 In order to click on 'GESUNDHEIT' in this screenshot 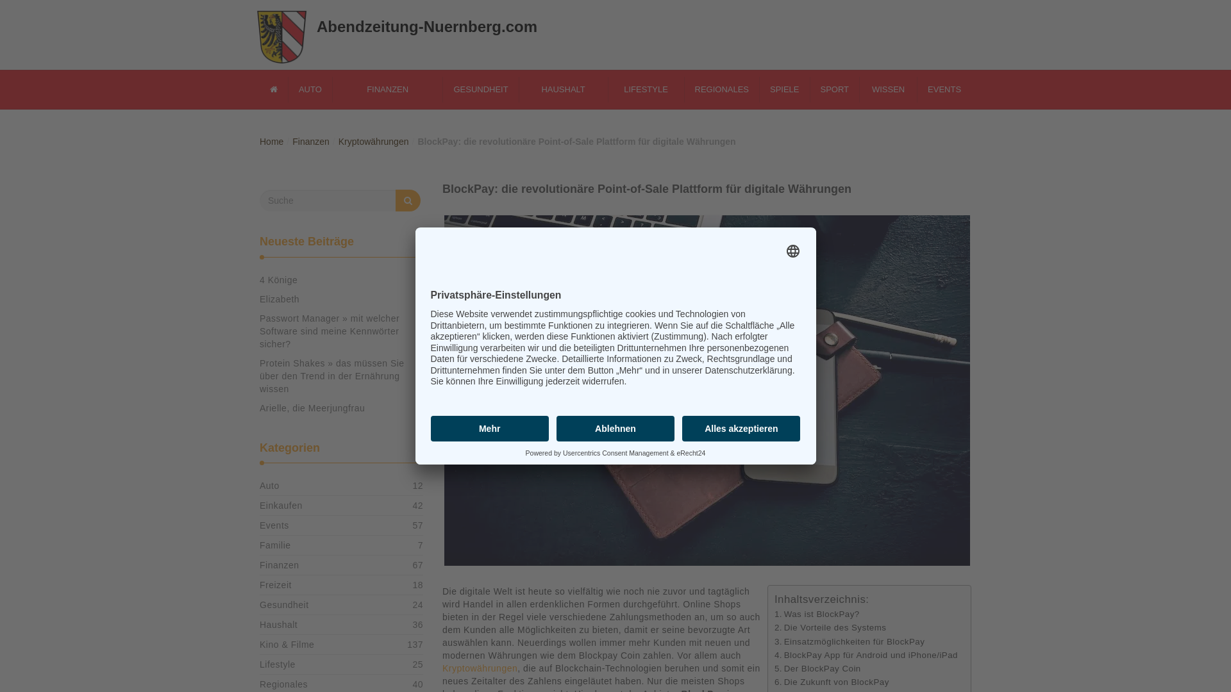, I will do `click(475, 88)`.